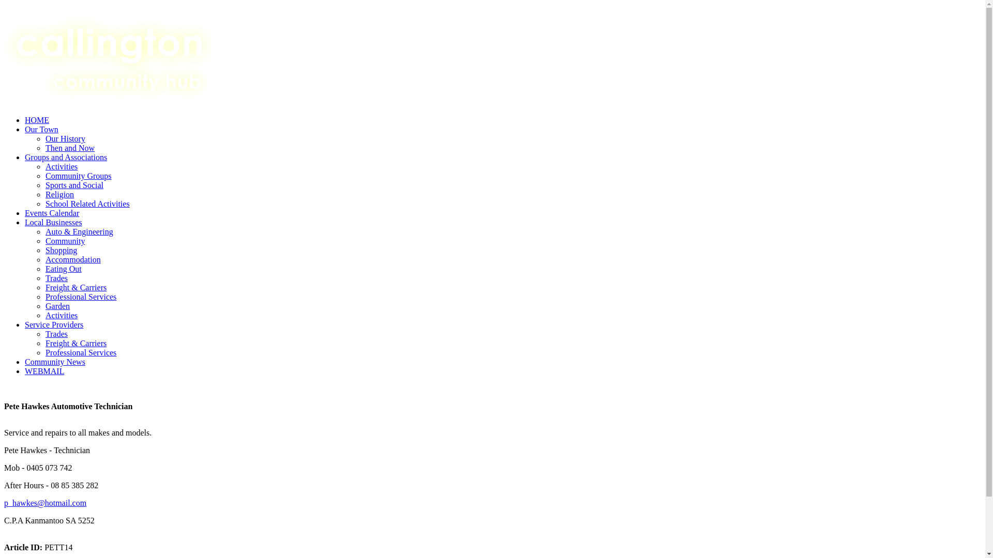 This screenshot has width=993, height=558. I want to click on 'Freight & Carriers', so click(76, 287).